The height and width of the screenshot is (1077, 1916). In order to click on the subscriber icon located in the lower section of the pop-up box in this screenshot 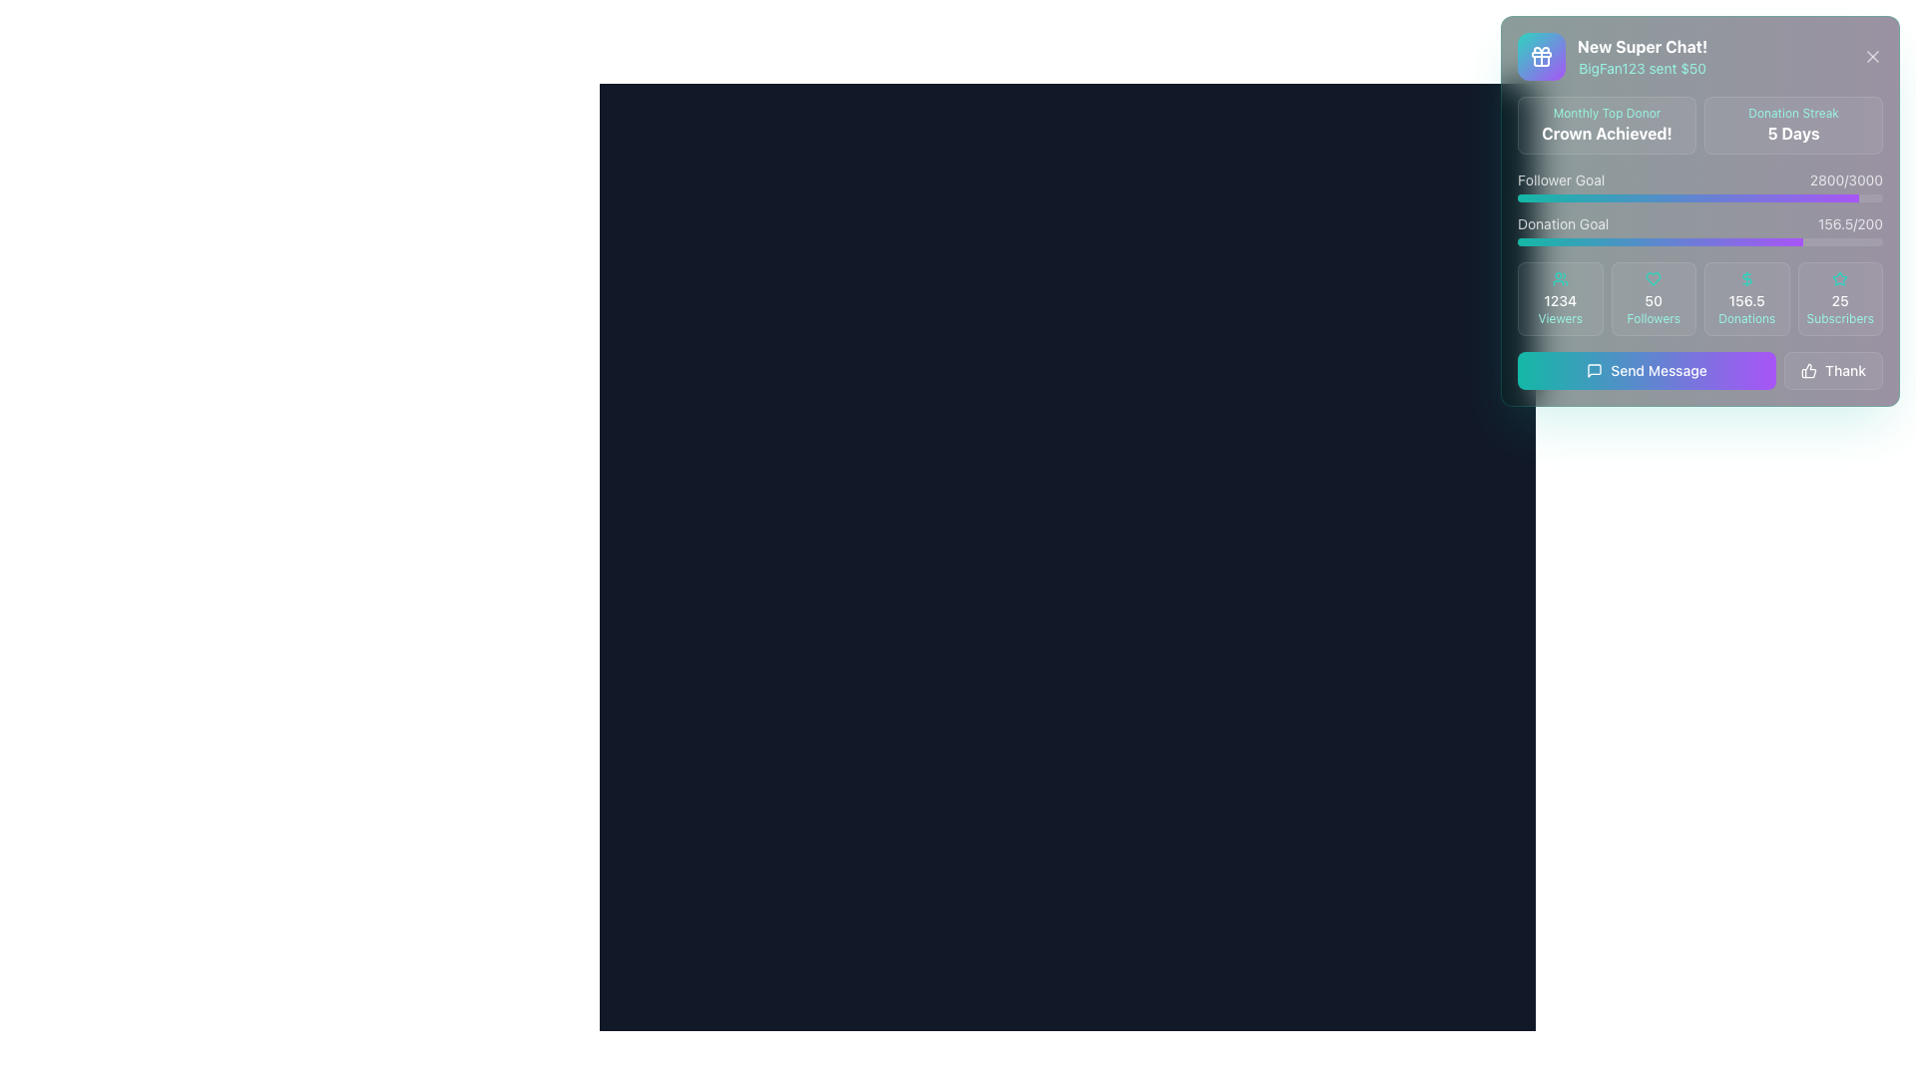, I will do `click(1838, 277)`.